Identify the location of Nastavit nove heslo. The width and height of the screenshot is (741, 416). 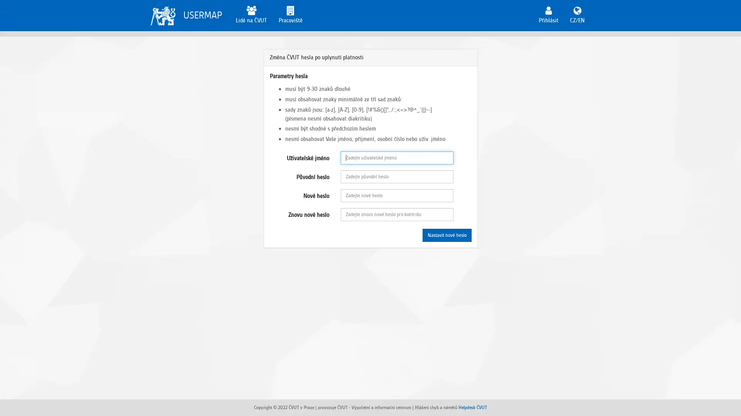
(447, 235).